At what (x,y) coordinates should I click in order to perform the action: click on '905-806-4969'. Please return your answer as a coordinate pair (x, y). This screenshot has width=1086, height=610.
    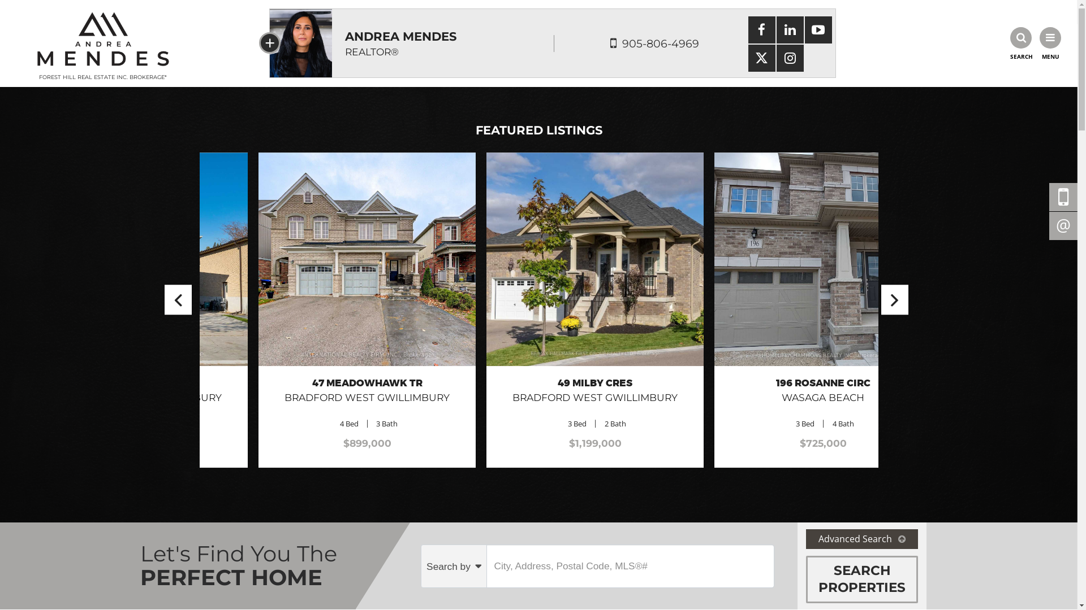
    Looking at the image, I should click on (660, 43).